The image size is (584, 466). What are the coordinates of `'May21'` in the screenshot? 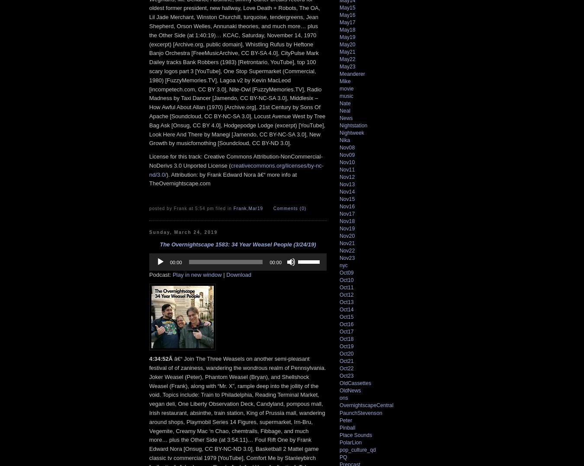 It's located at (347, 51).